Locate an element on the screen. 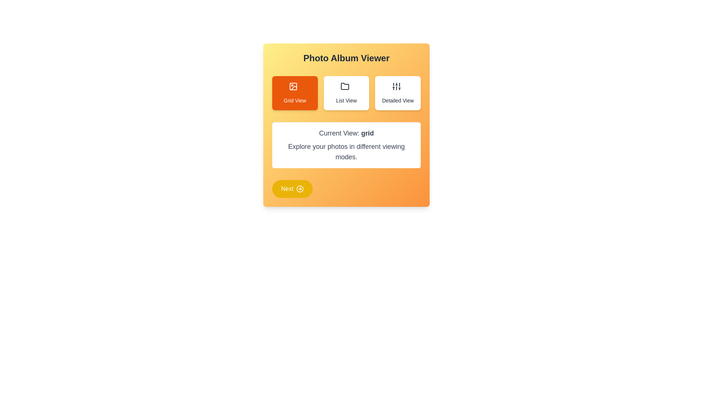  the informational text block that indicates the current viewing mode as 'grid' and provides guidance about photo viewing options, located between the view selection buttons and the 'Next' button is located at coordinates (346, 145).